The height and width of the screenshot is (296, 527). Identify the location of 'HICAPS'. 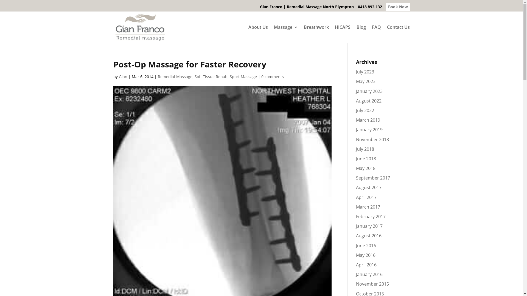
(342, 34).